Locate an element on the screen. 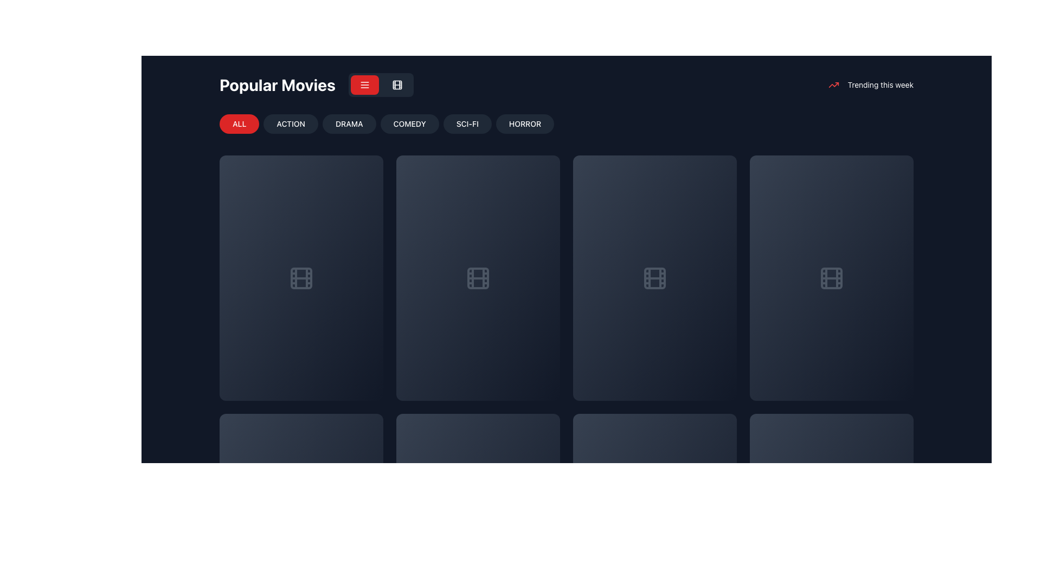 The width and height of the screenshot is (1041, 585). the red trending upwards arrow icon located in the top-right corner of the interface, preceding the 'Trending this week' text is located at coordinates (833, 84).